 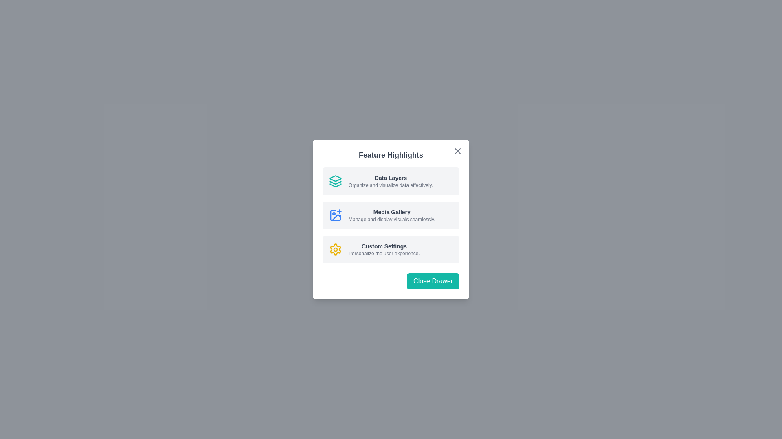 I want to click on description of the 'Custom Settings' feature represented by the third Informational Card within the 'Feature Highlights' dialog box, so click(x=391, y=249).